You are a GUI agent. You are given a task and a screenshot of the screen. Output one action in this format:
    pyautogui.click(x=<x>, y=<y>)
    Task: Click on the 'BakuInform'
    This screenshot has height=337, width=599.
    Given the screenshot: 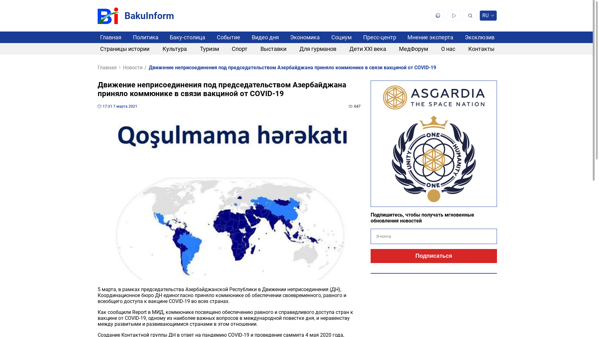 What is the action you would take?
    pyautogui.click(x=135, y=15)
    